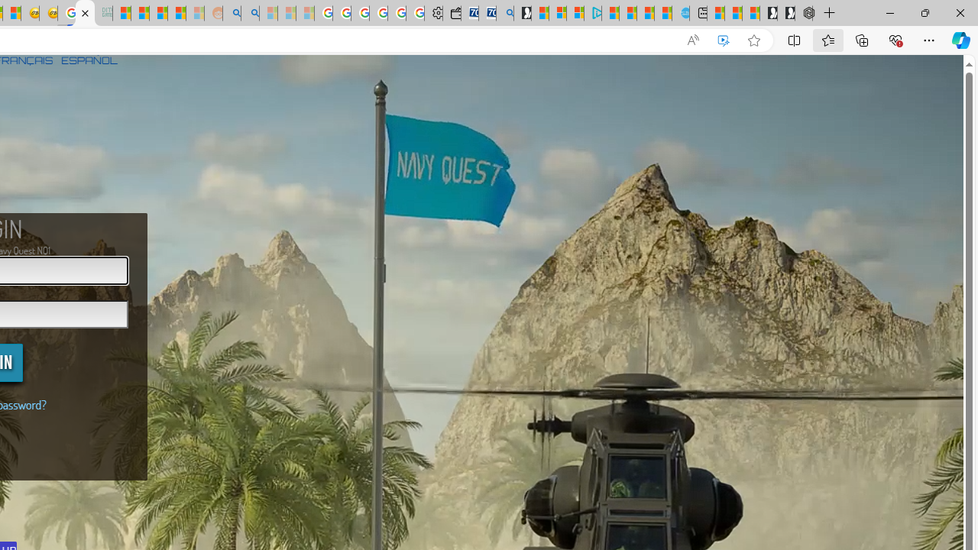 This screenshot has width=978, height=550. I want to click on 'Home | Sky Blue Bikes - Sky Blue Bikes', so click(679, 13).